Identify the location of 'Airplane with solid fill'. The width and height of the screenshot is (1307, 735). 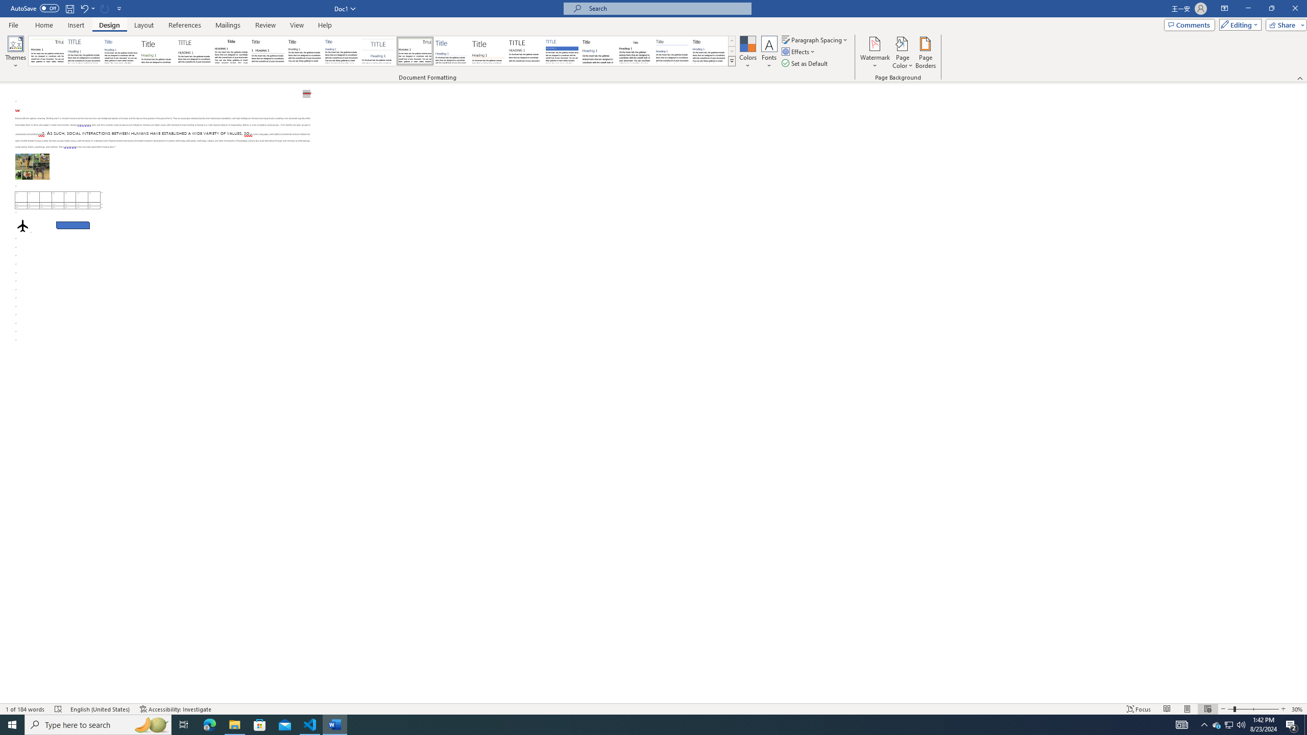
(22, 225).